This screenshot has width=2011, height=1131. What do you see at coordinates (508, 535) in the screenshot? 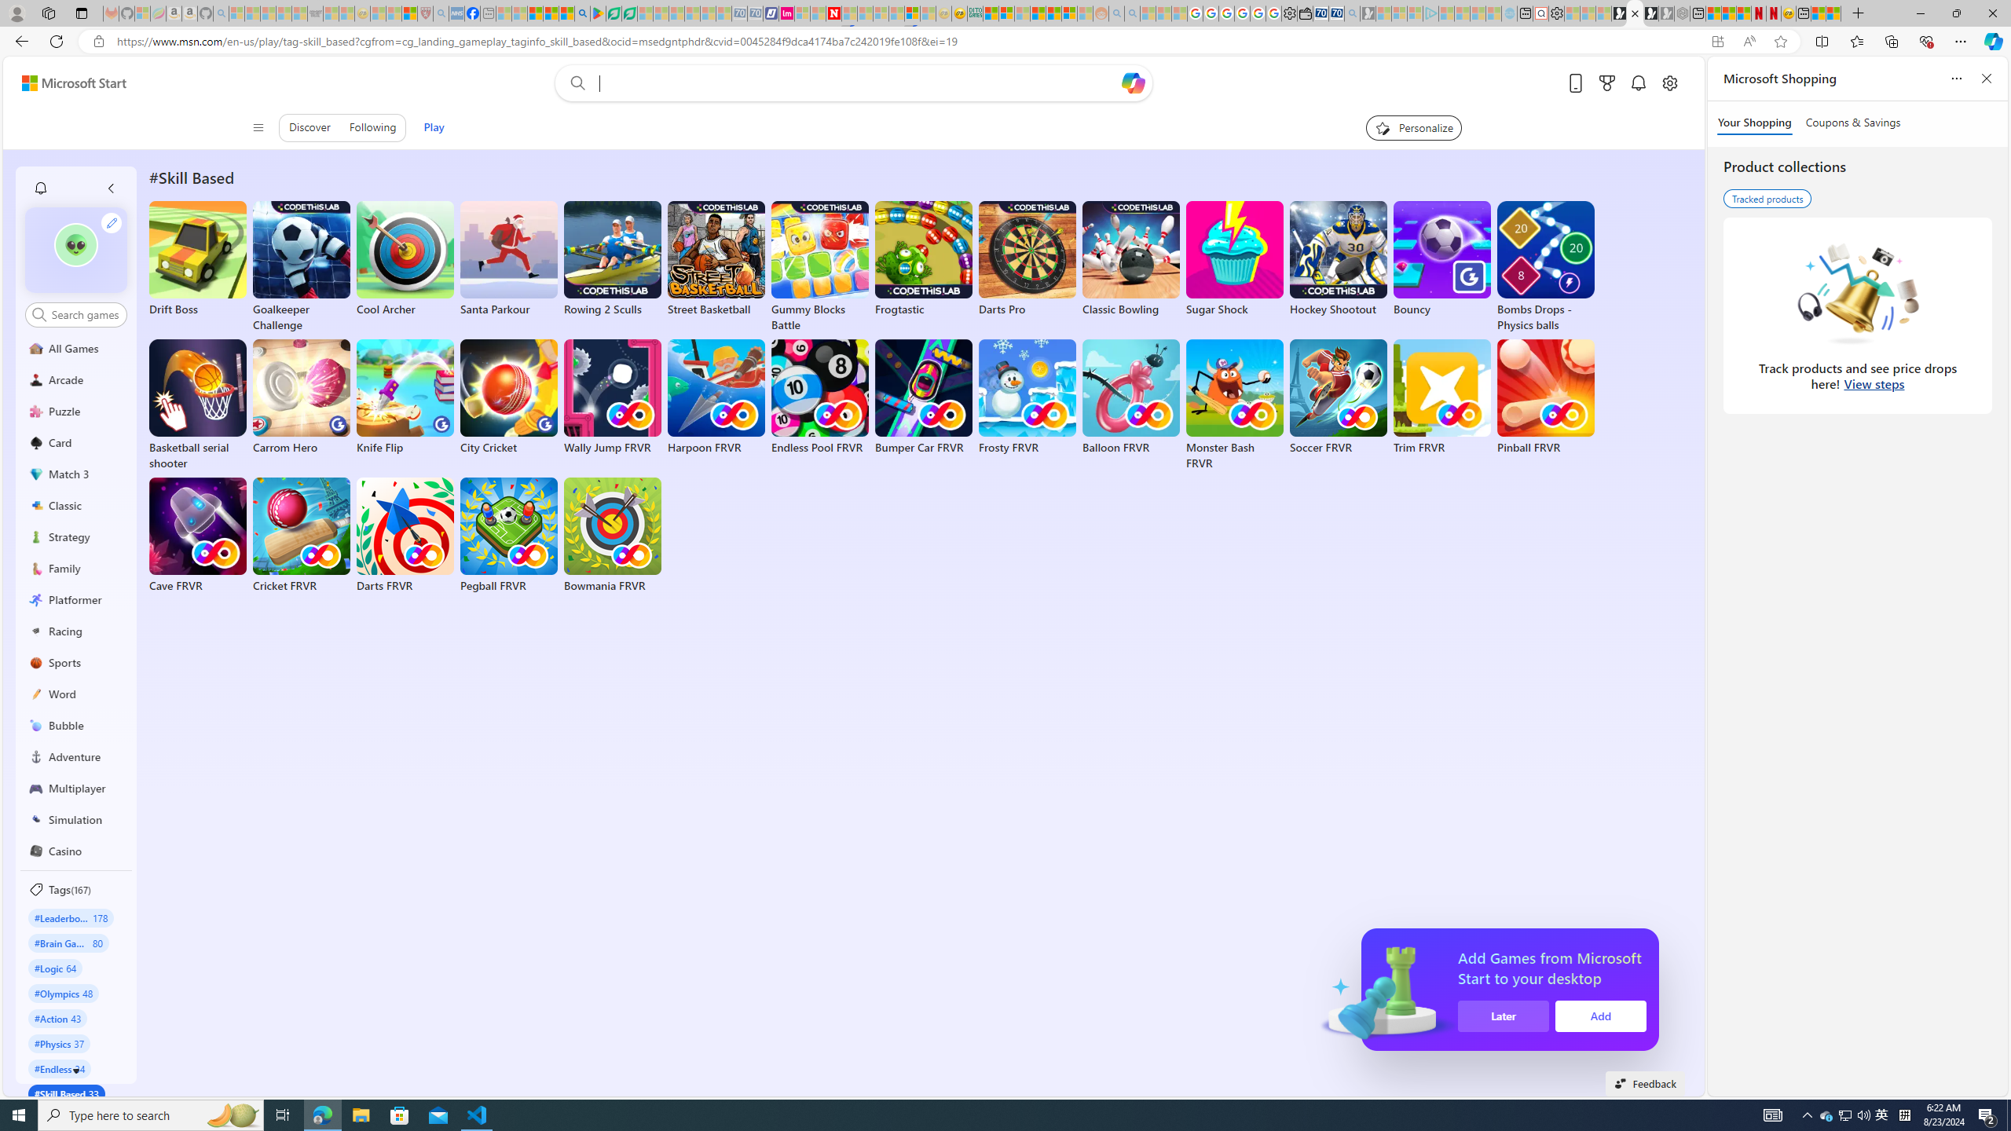
I see `'Pegball FRVR'` at bounding box center [508, 535].